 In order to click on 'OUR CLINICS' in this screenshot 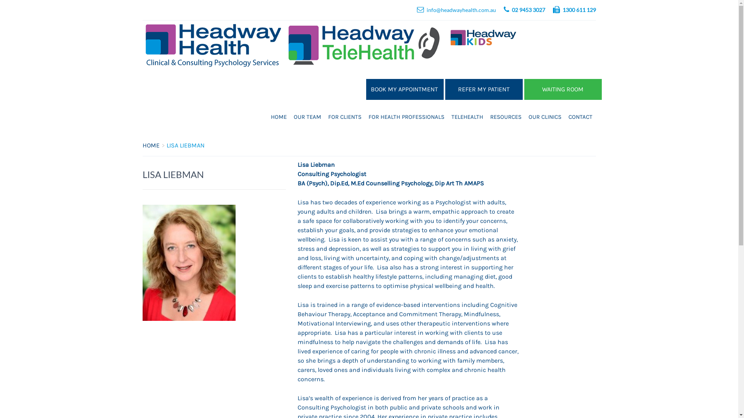, I will do `click(524, 116)`.